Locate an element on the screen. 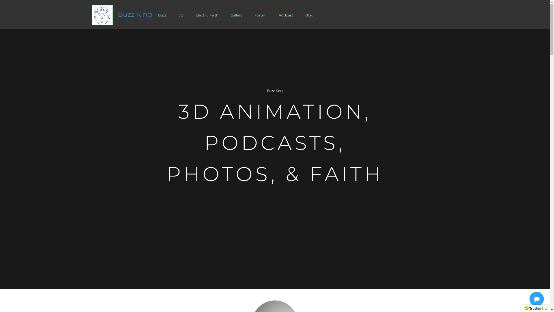  'Podcast' is located at coordinates (272, 15).